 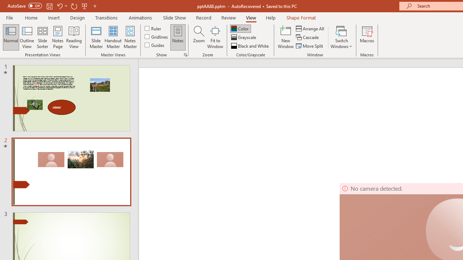 What do you see at coordinates (95, 37) in the screenshot?
I see `'Slide Master'` at bounding box center [95, 37].